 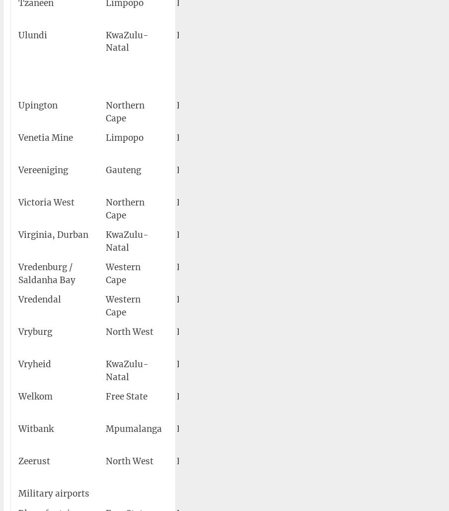 What do you see at coordinates (373, 176) in the screenshot?
I see `'26°34′12″S 027°57′36″E'` at bounding box center [373, 176].